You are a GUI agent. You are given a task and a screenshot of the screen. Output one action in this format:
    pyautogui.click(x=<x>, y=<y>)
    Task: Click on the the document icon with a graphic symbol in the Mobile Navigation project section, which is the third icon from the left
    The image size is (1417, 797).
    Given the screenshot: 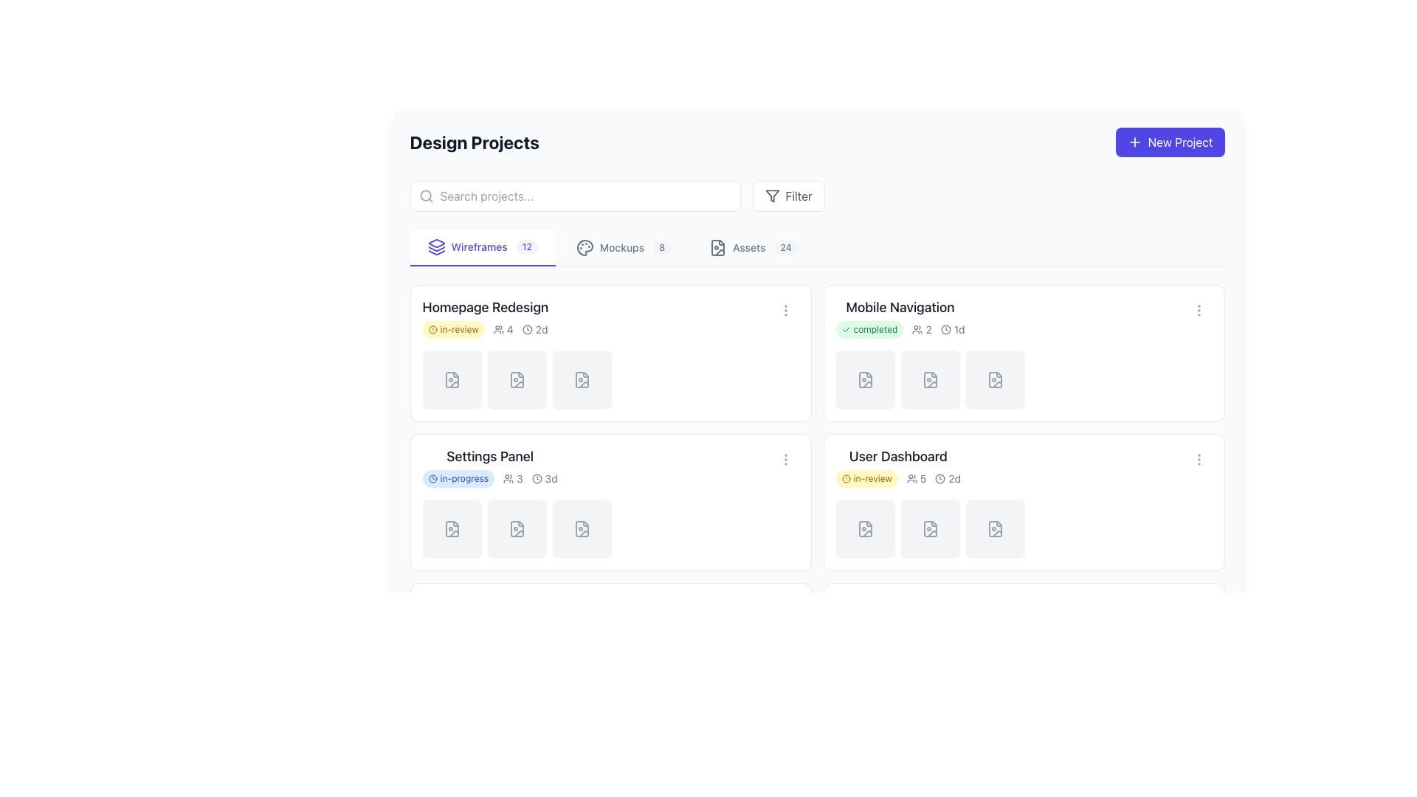 What is the action you would take?
    pyautogui.click(x=929, y=379)
    